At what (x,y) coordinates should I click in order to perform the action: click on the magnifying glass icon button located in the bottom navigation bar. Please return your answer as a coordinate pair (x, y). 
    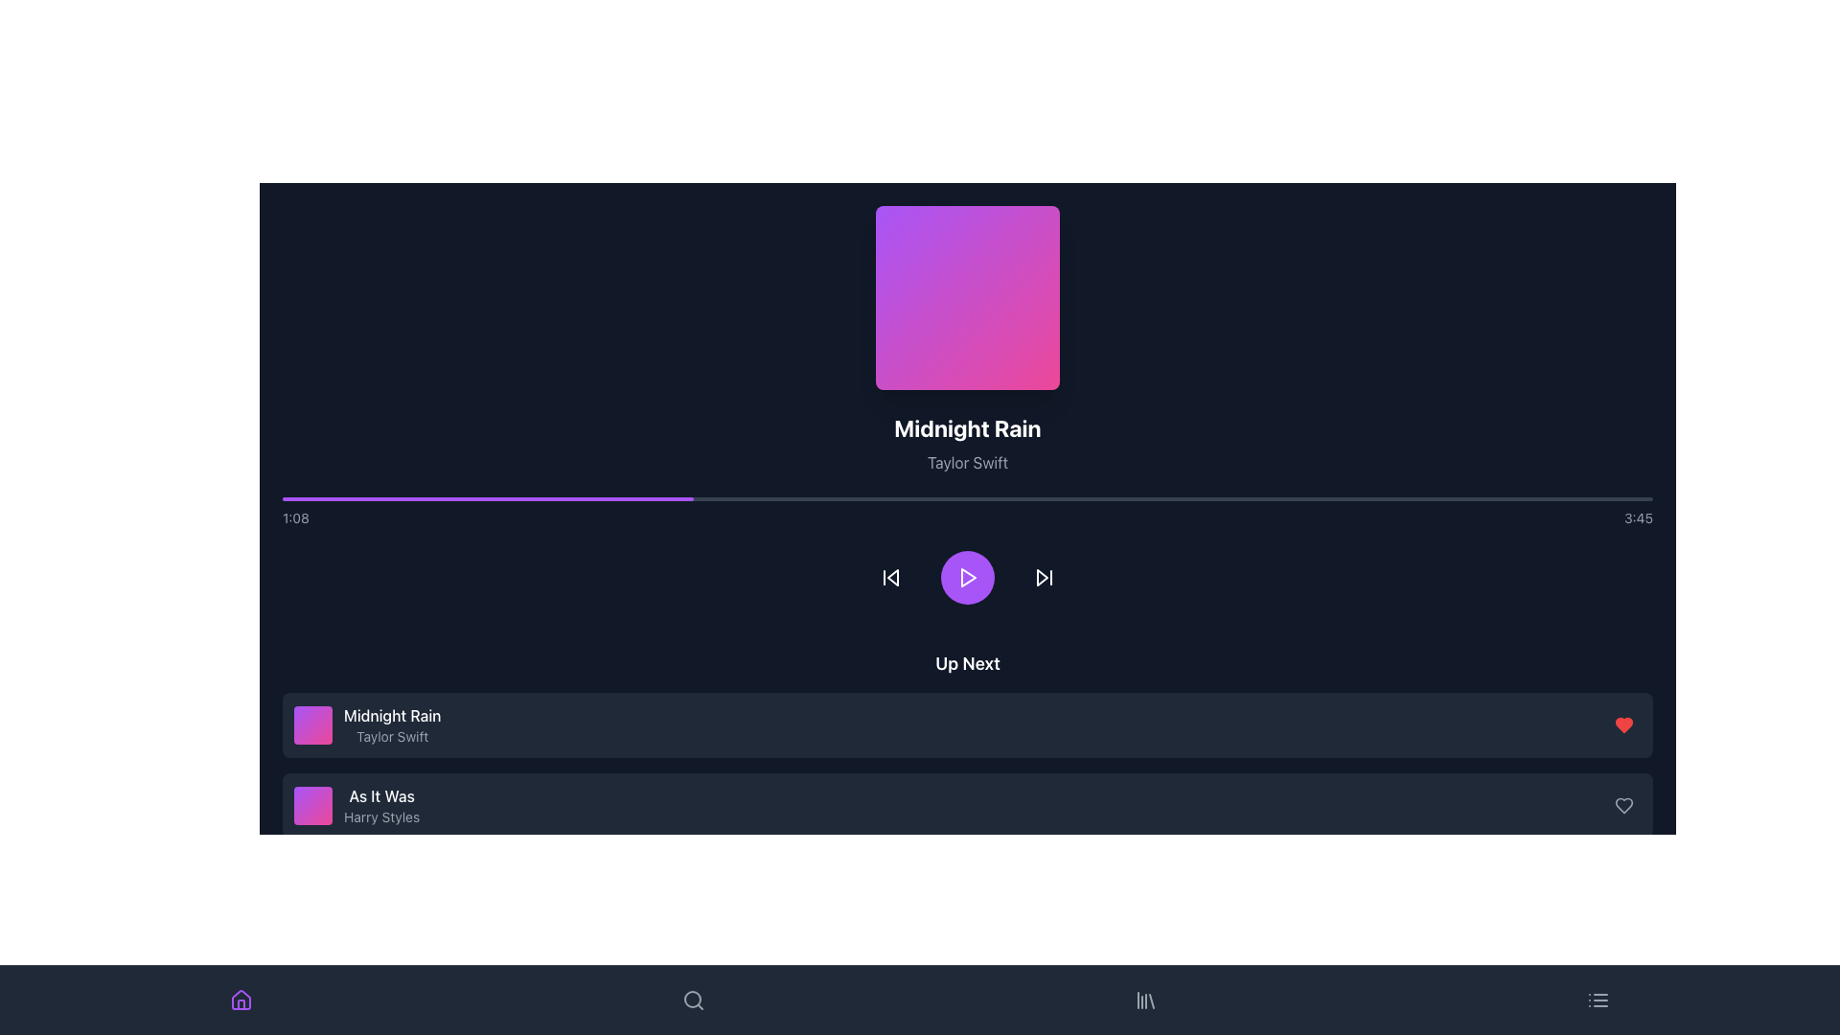
    Looking at the image, I should click on (693, 1000).